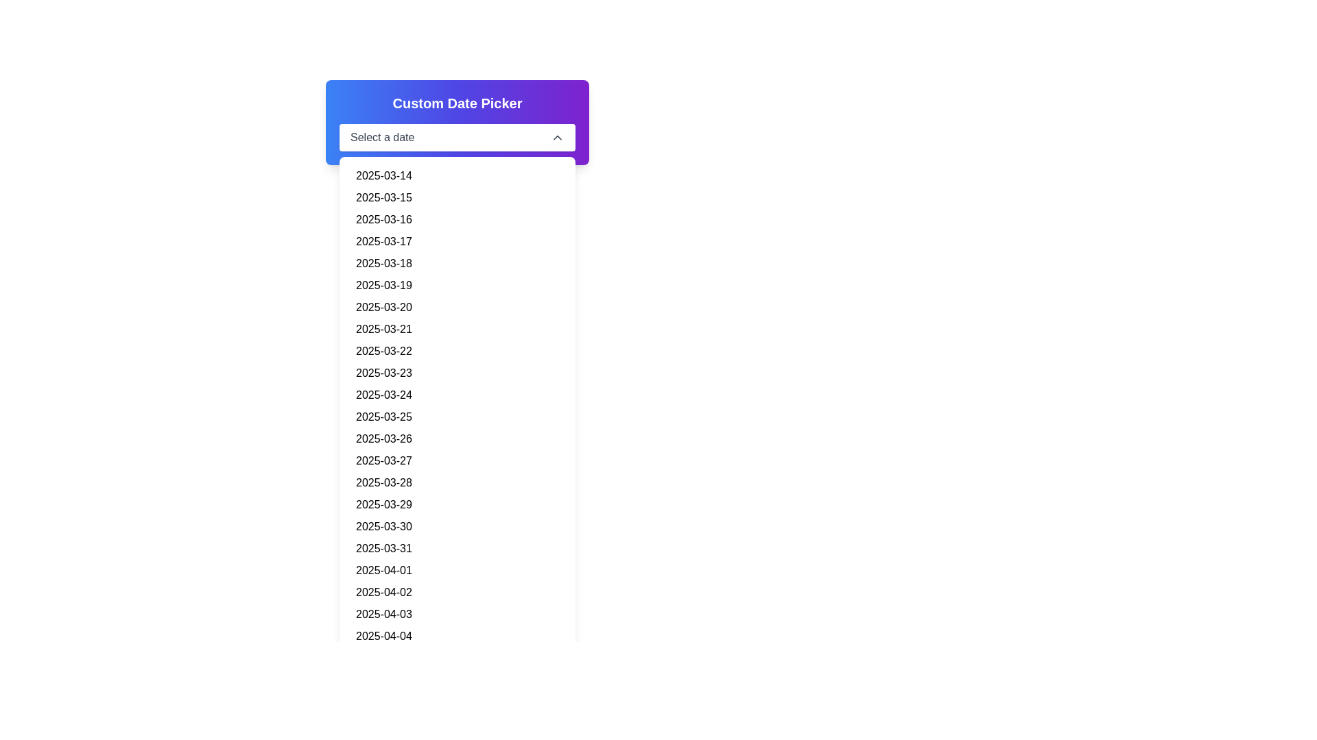  Describe the element at coordinates (458, 395) in the screenshot. I see `to select the 11th date in the dropdown menu, which is represented as a list item` at that location.